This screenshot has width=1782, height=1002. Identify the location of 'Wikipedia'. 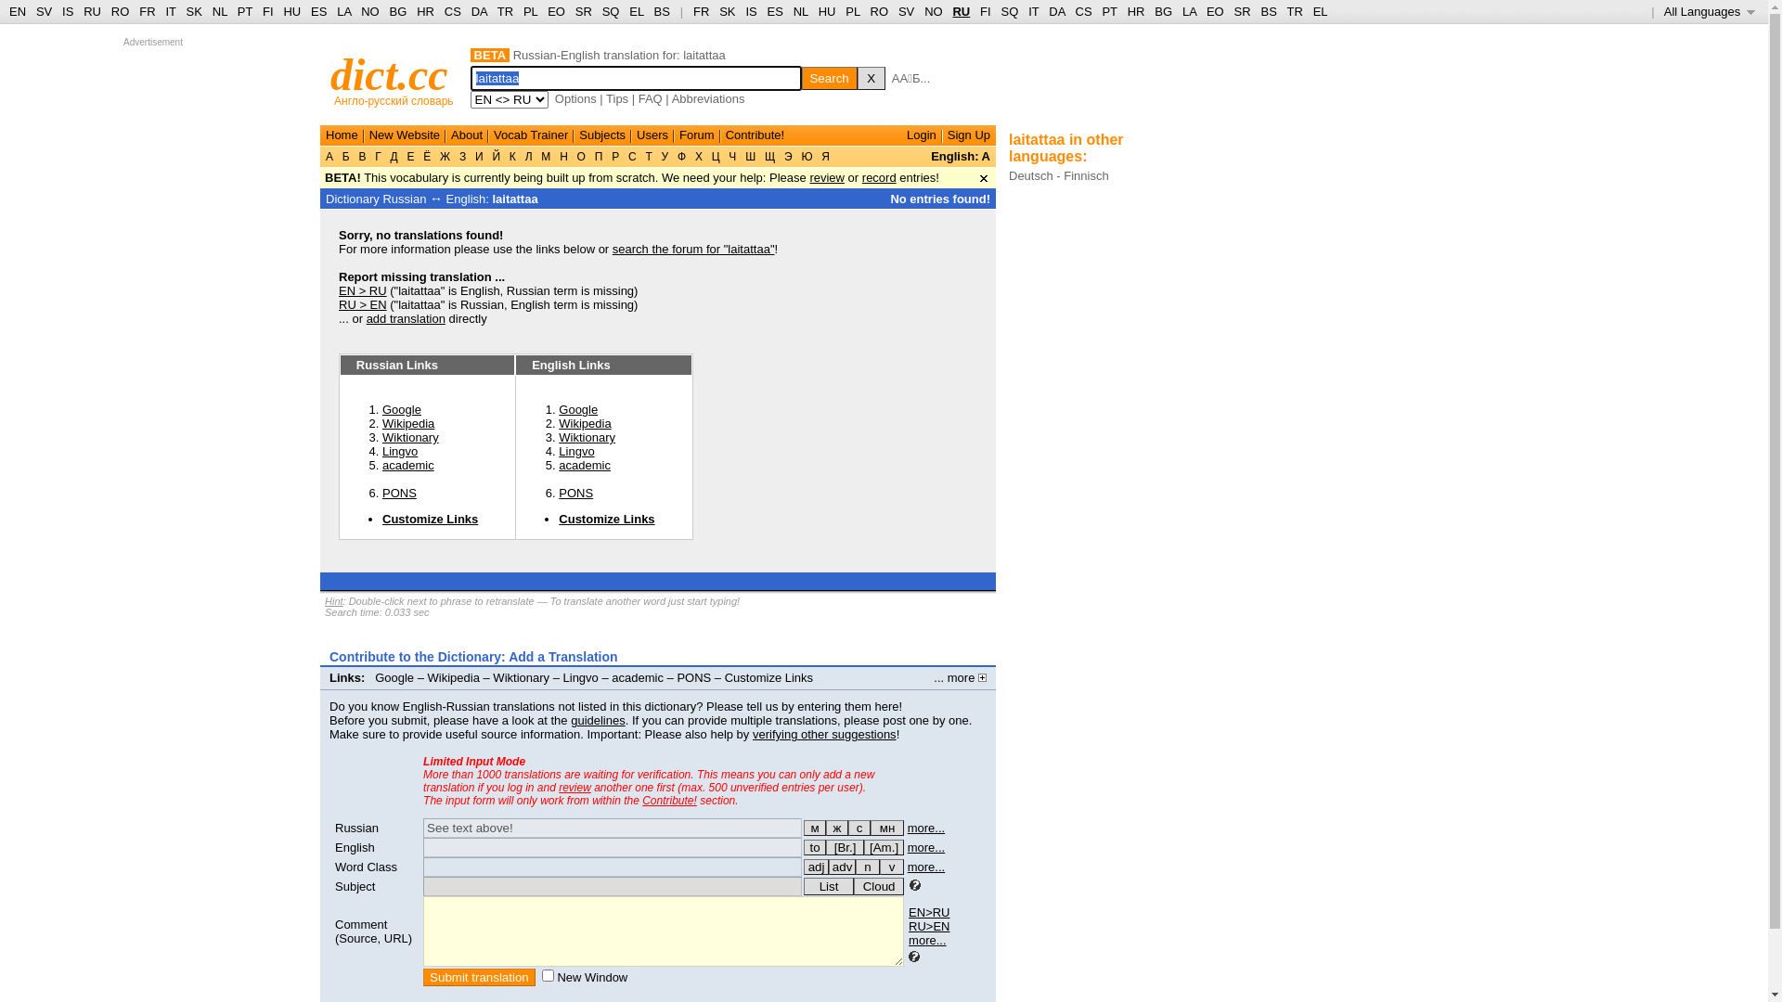
(454, 677).